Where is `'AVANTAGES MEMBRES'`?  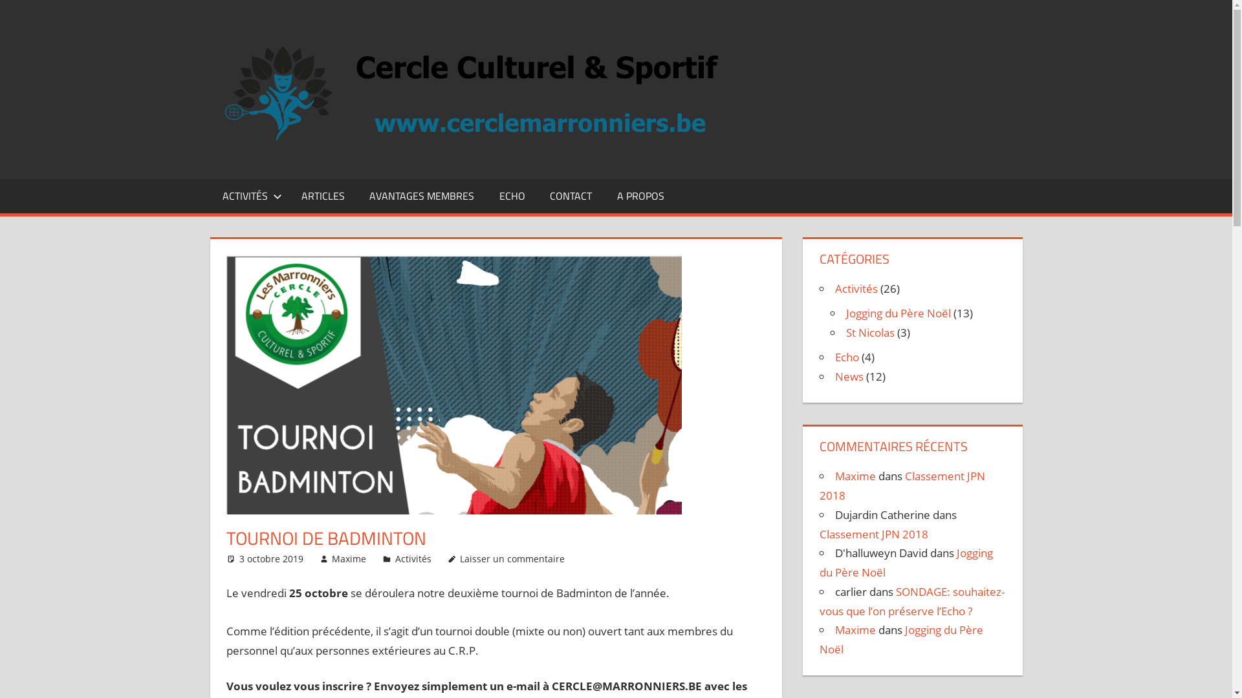 'AVANTAGES MEMBRES' is located at coordinates (422, 196).